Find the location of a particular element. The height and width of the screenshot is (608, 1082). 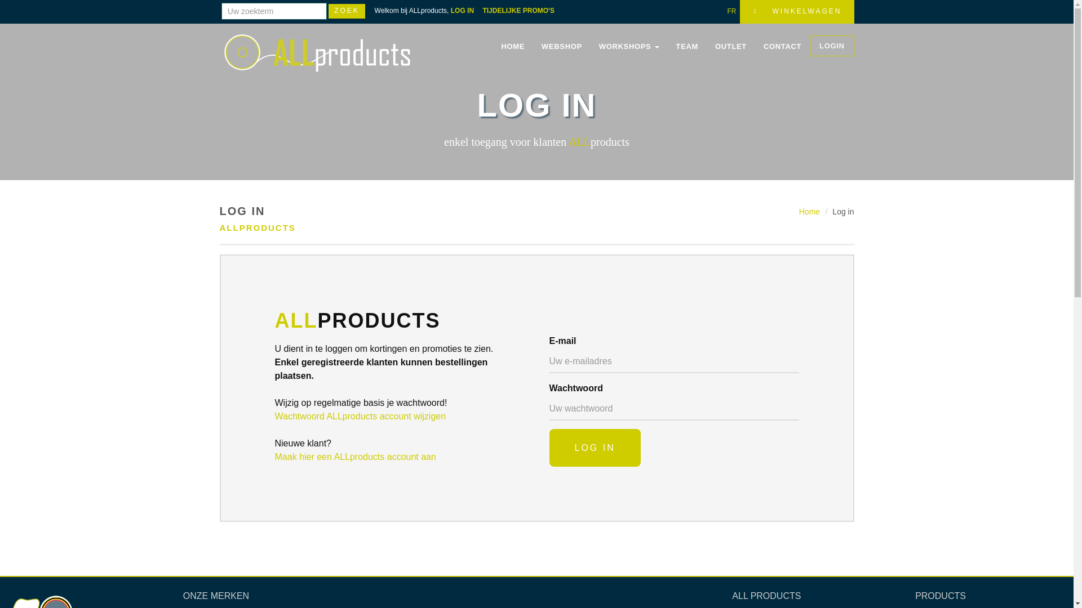

'WEBSHOP' is located at coordinates (562, 46).